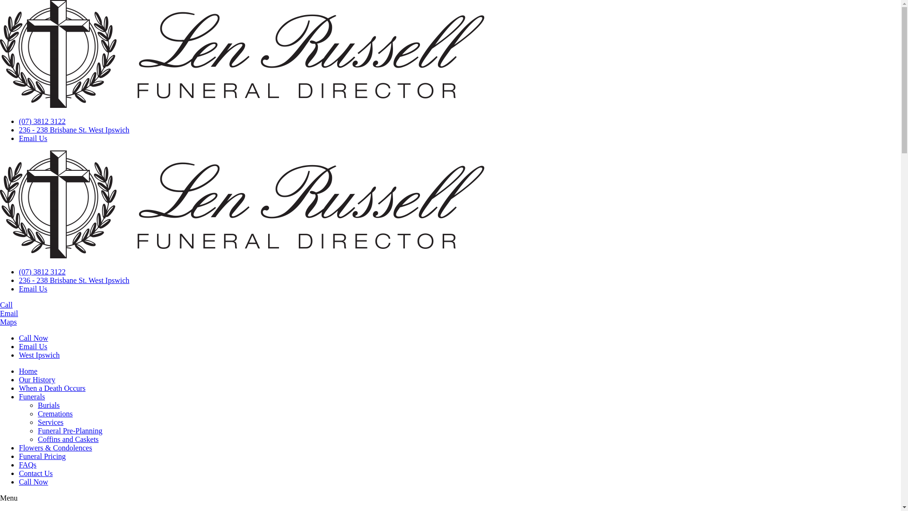  What do you see at coordinates (55, 447) in the screenshot?
I see `'Flowers & Condolences'` at bounding box center [55, 447].